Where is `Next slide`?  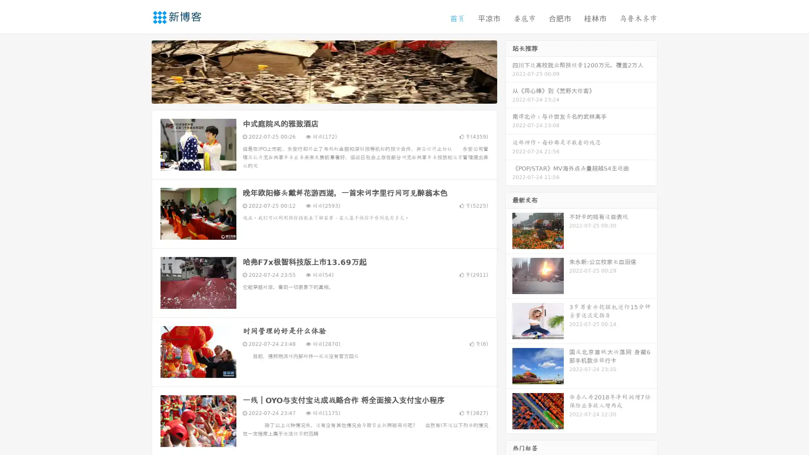
Next slide is located at coordinates (509, 71).